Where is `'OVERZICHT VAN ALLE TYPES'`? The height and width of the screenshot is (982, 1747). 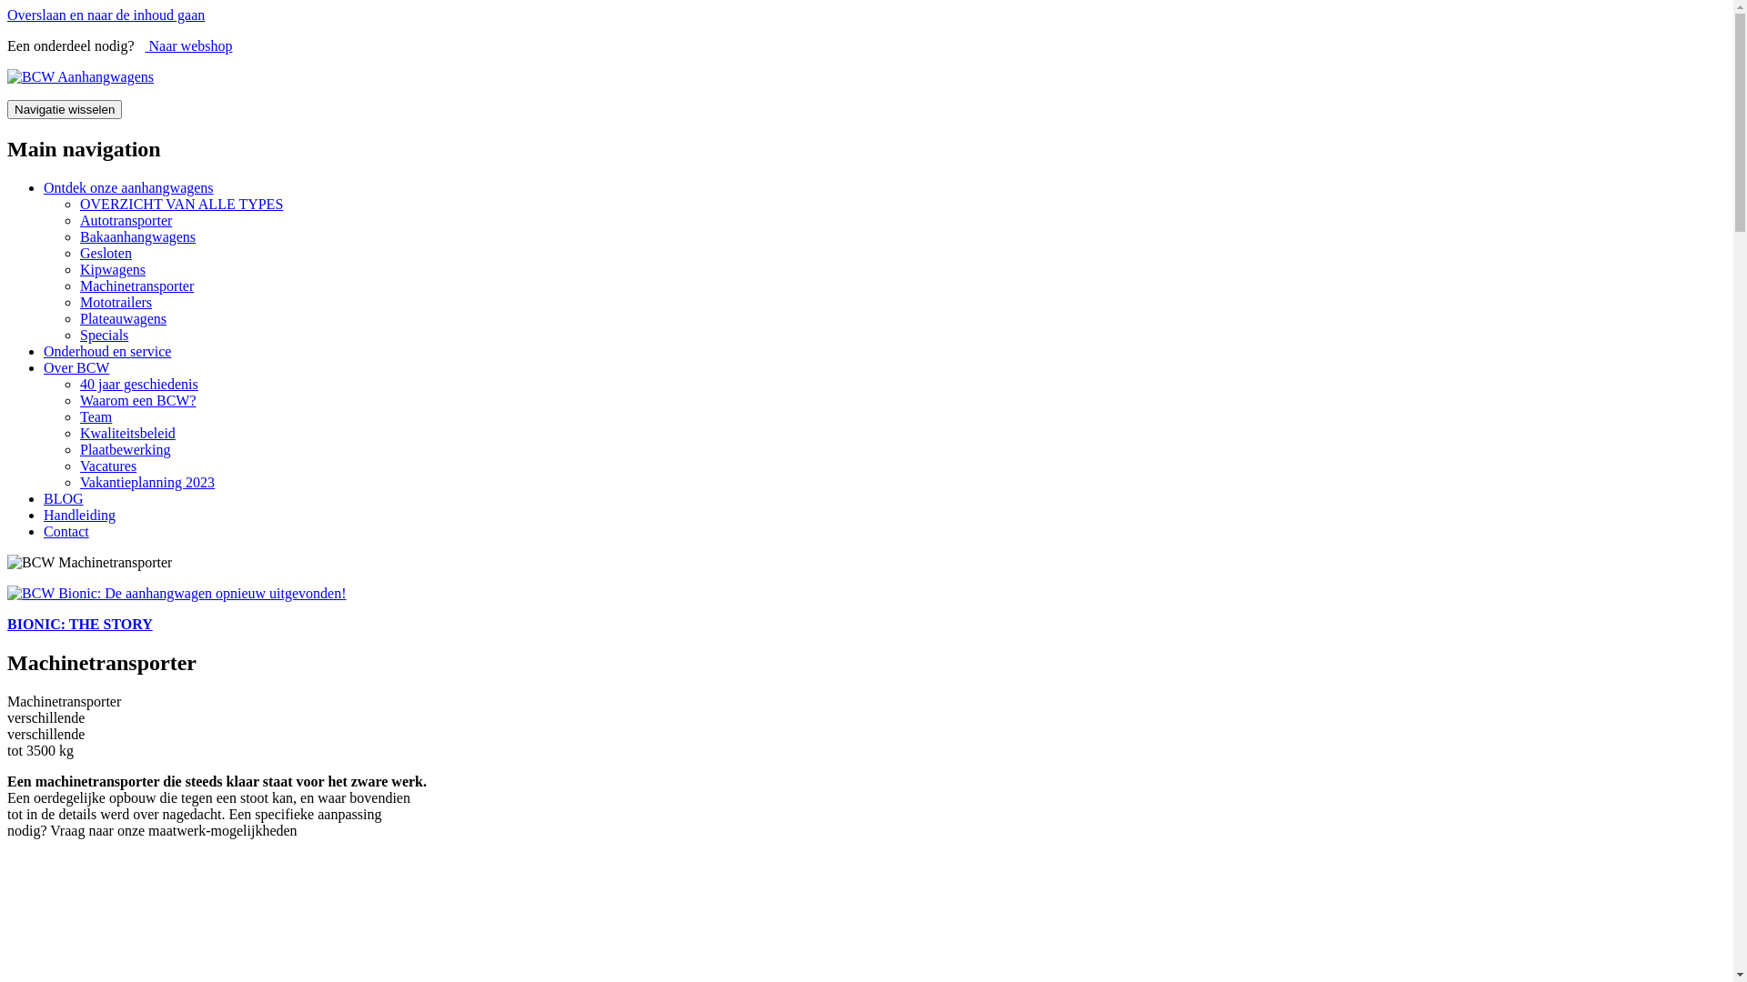 'OVERZICHT VAN ALLE TYPES' is located at coordinates (181, 204).